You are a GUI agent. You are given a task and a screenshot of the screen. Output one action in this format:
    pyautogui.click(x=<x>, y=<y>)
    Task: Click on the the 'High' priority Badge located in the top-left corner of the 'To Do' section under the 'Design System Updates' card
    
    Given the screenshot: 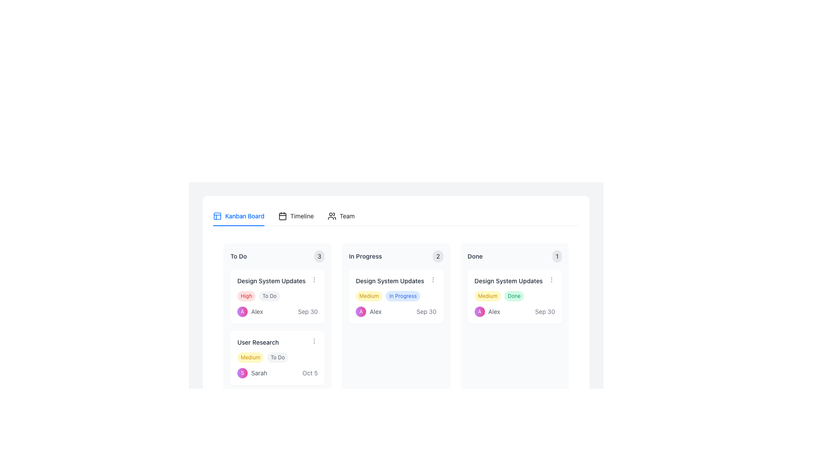 What is the action you would take?
    pyautogui.click(x=246, y=296)
    